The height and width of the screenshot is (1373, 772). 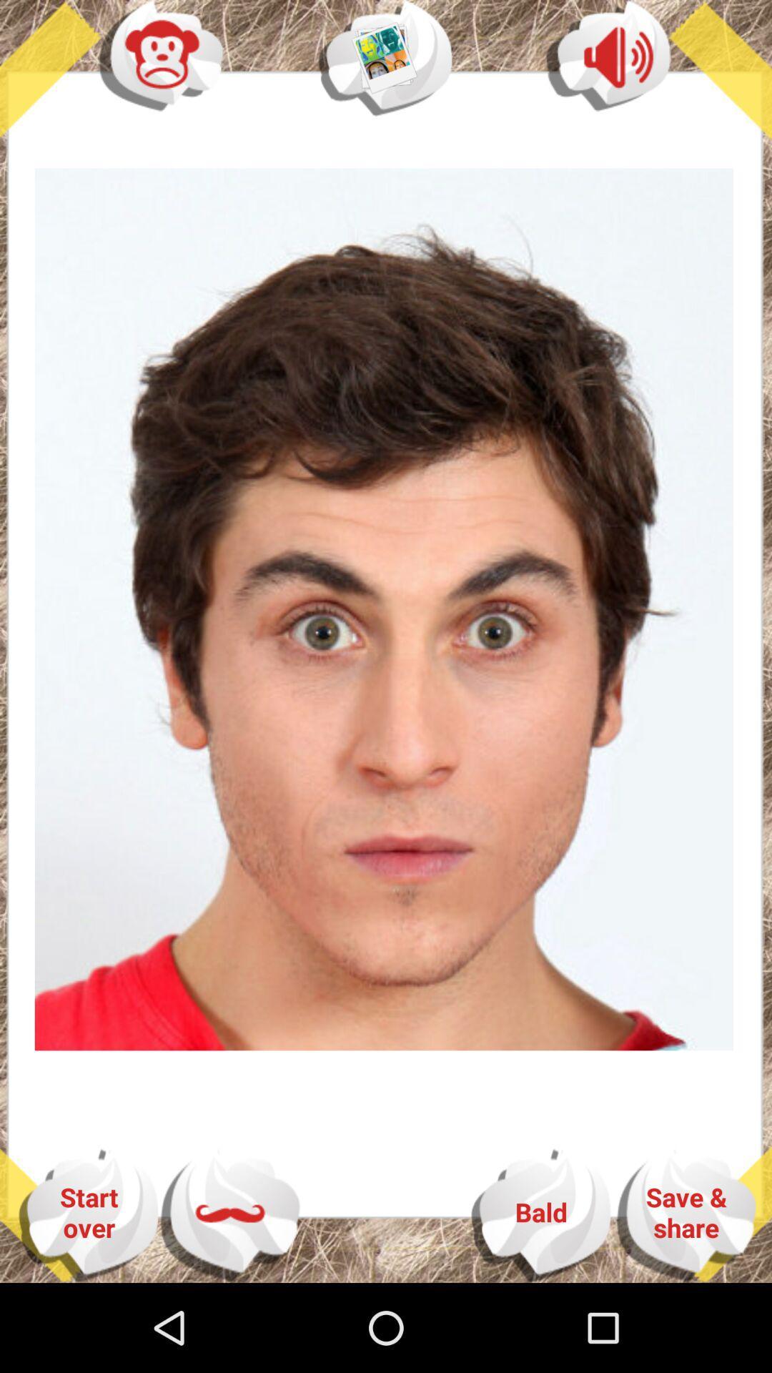 What do you see at coordinates (386, 57) in the screenshot?
I see `the avatar icon` at bounding box center [386, 57].